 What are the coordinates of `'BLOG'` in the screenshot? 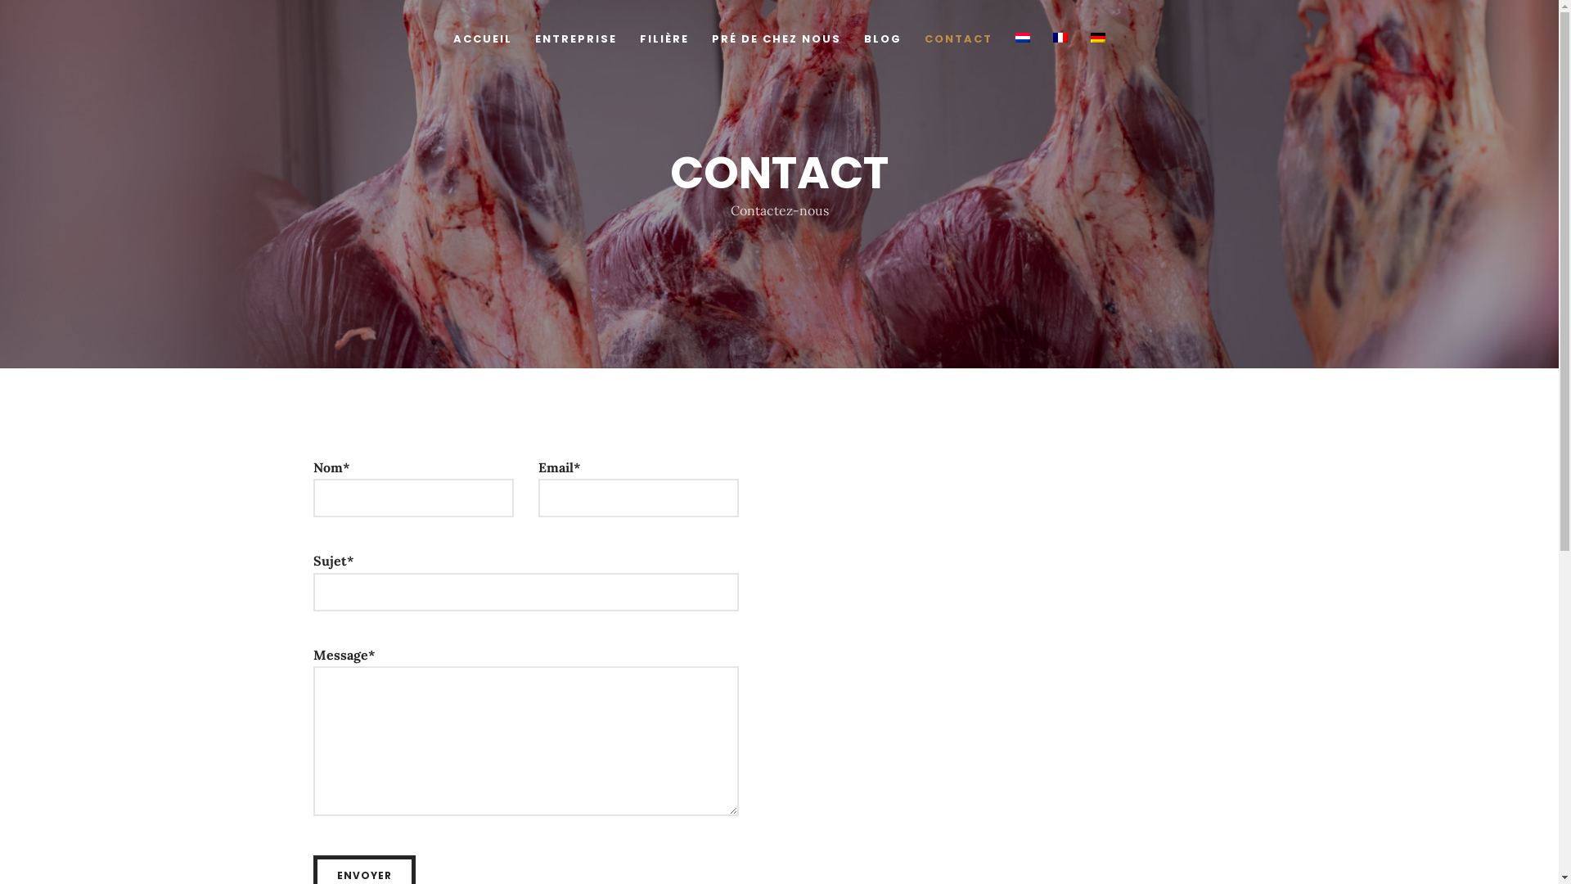 It's located at (863, 43).